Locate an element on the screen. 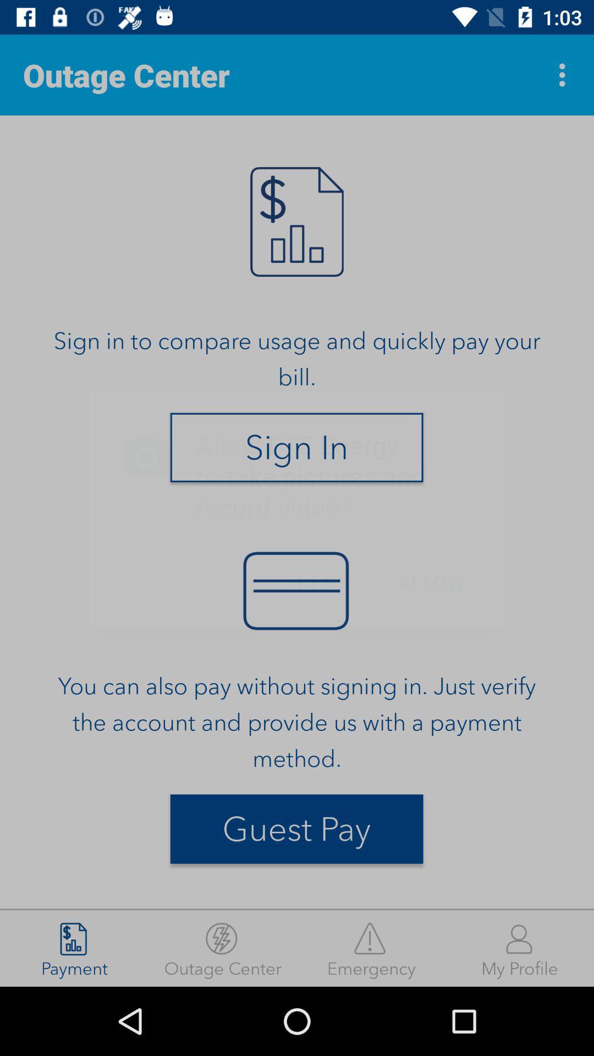 This screenshot has width=594, height=1056. app to the right of the outage center app is located at coordinates (565, 74).